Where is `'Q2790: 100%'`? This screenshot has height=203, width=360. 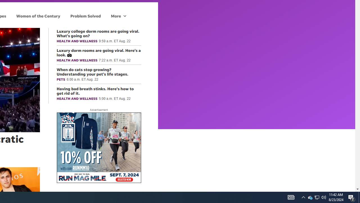
'Q2790: 100%' is located at coordinates (317, 197).